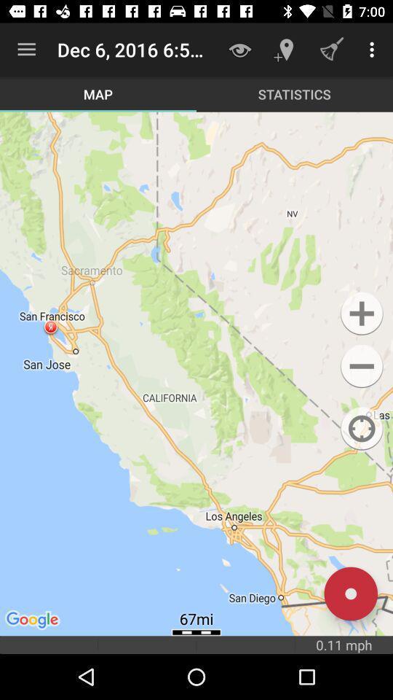 The width and height of the screenshot is (393, 700). Describe the element at coordinates (361, 314) in the screenshot. I see `zoom the map` at that location.